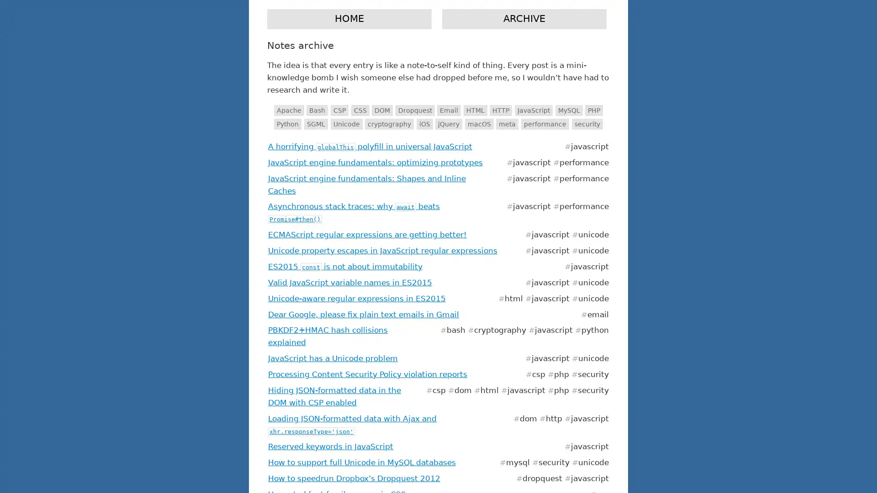 This screenshot has height=493, width=877. Describe the element at coordinates (414, 110) in the screenshot. I see `Dropquest` at that location.